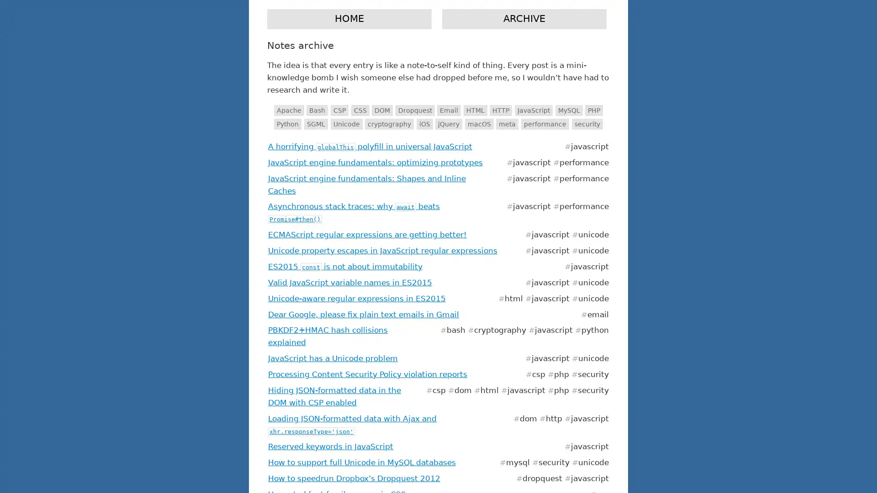 This screenshot has height=493, width=877. Describe the element at coordinates (414, 110) in the screenshot. I see `Dropquest` at that location.